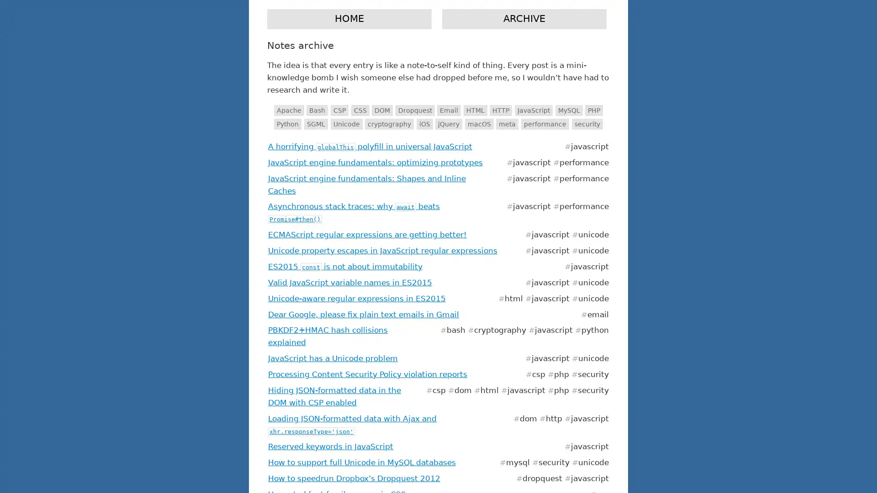 This screenshot has height=493, width=877. Describe the element at coordinates (414, 110) in the screenshot. I see `Dropquest` at that location.